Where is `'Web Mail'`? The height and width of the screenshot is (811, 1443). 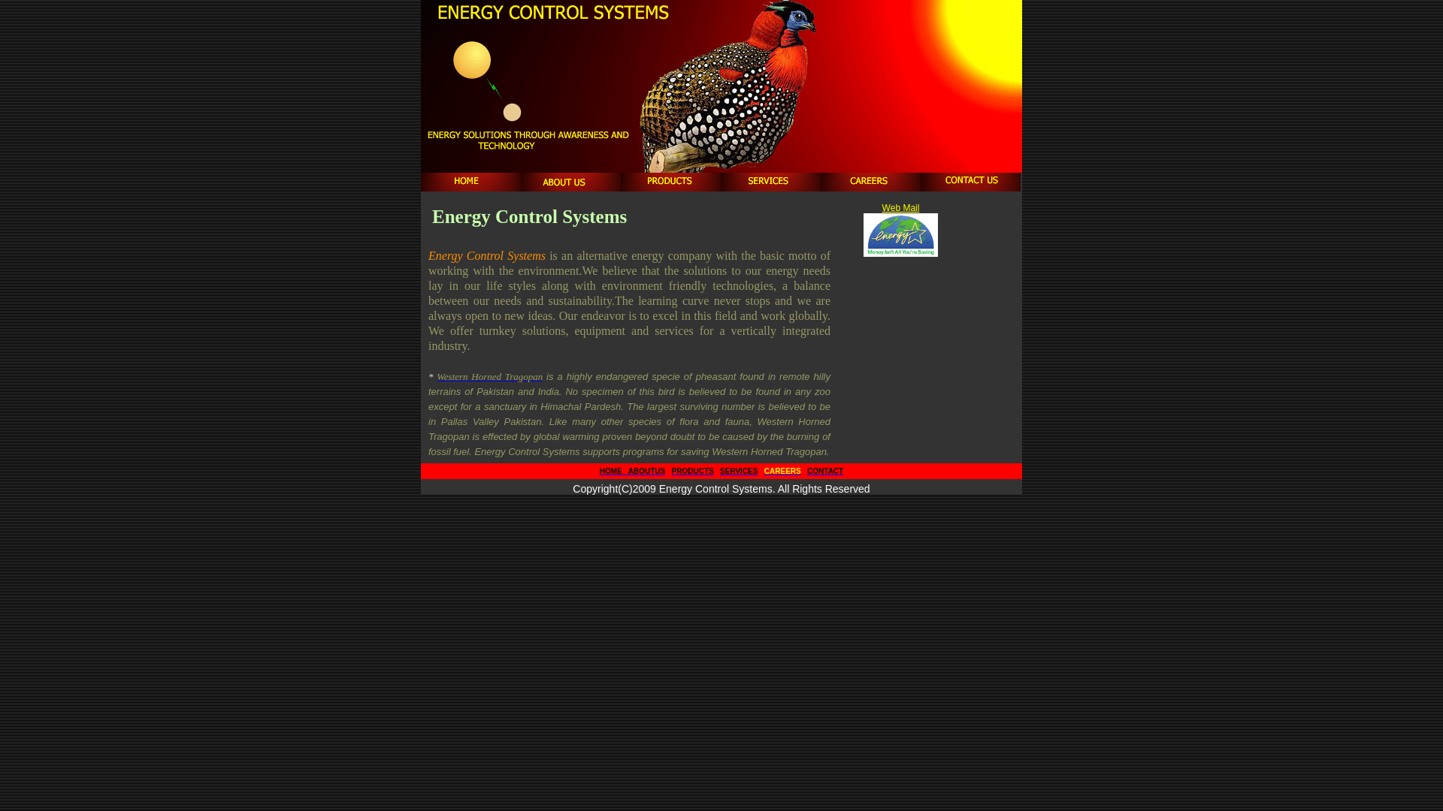
'Web Mail' is located at coordinates (901, 208).